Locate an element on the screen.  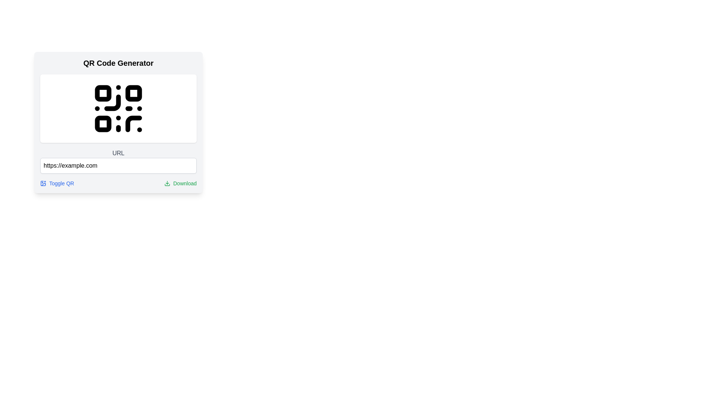
the 'Toggle QR' text-based hyperlink displayed in blue text styling, located below the URL input field and before the 'Download' button to visually highlight it is located at coordinates (62, 183).